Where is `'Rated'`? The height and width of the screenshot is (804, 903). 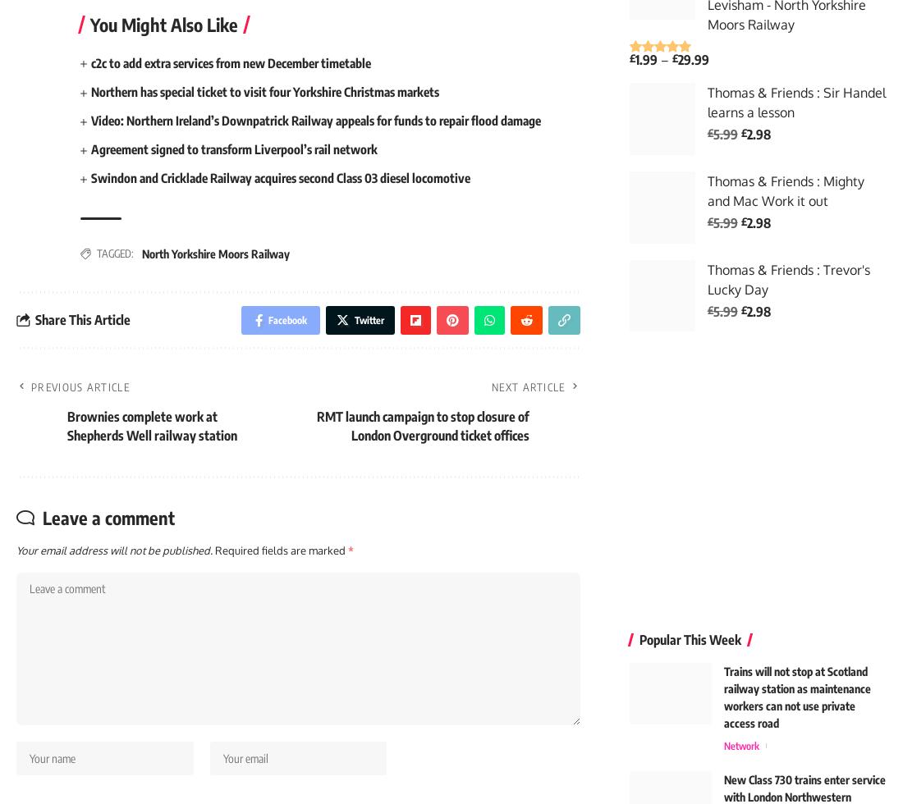
'Rated' is located at coordinates (644, 61).